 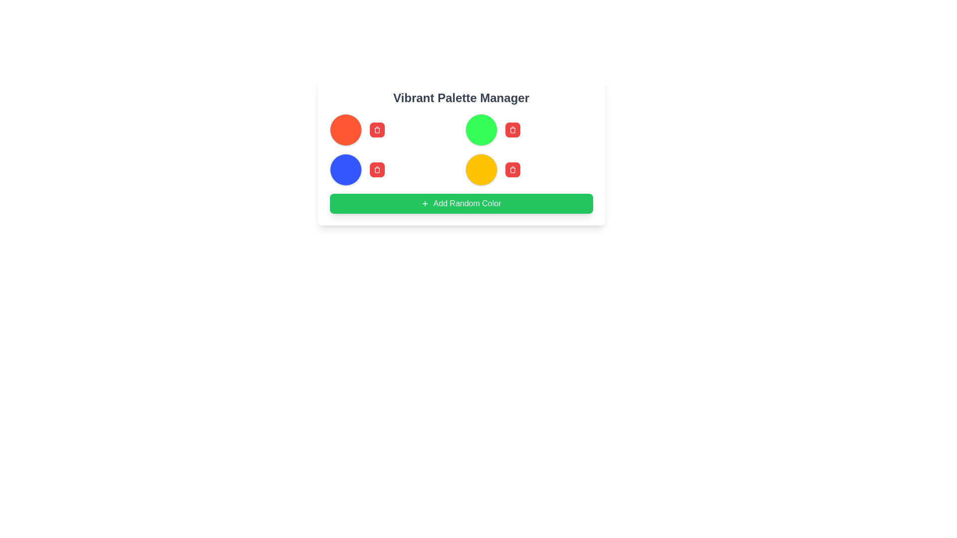 What do you see at coordinates (393, 169) in the screenshot?
I see `the blue circular element` at bounding box center [393, 169].